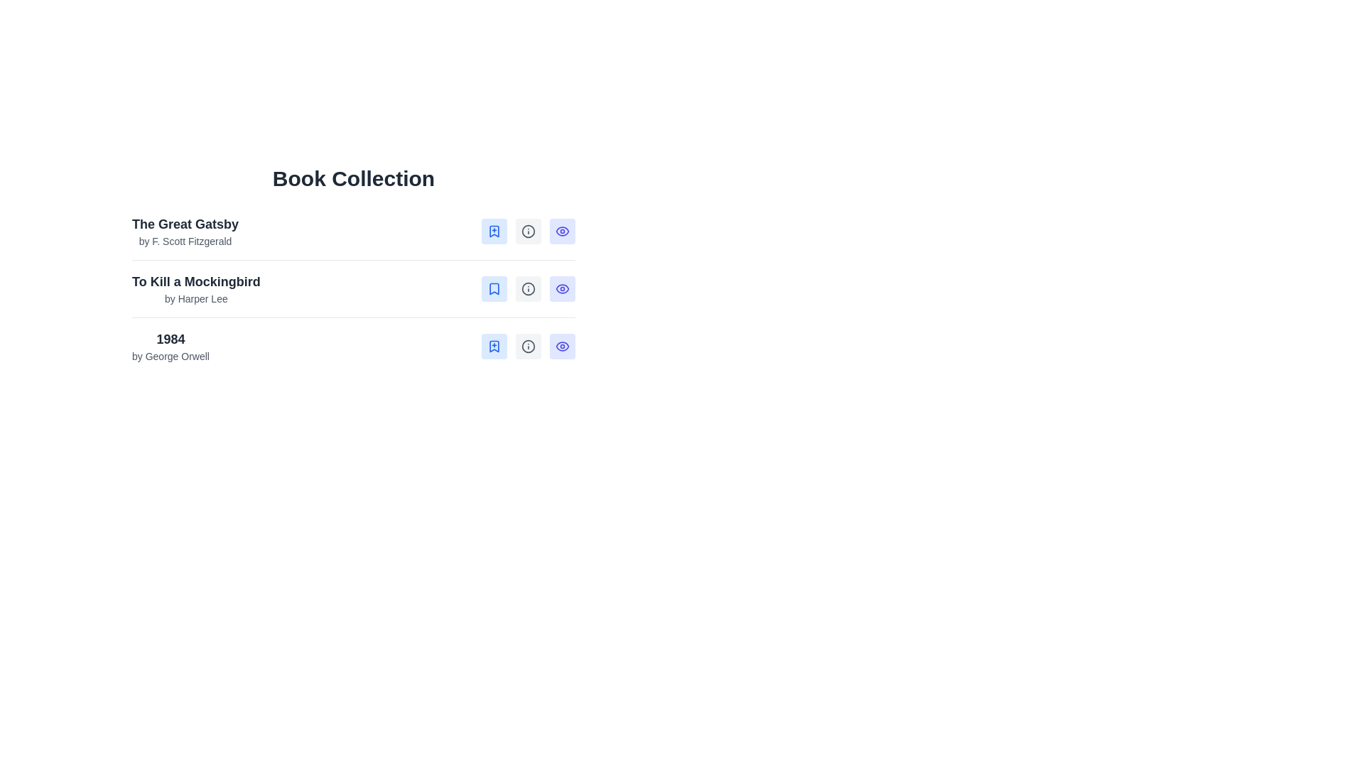 Image resolution: width=1364 pixels, height=767 pixels. What do you see at coordinates (562, 347) in the screenshot?
I see `the SVG eye icon with an indigo color fill located in the bottom row of the interactive button panel for the '1984' book entry, positioned to the far right` at bounding box center [562, 347].